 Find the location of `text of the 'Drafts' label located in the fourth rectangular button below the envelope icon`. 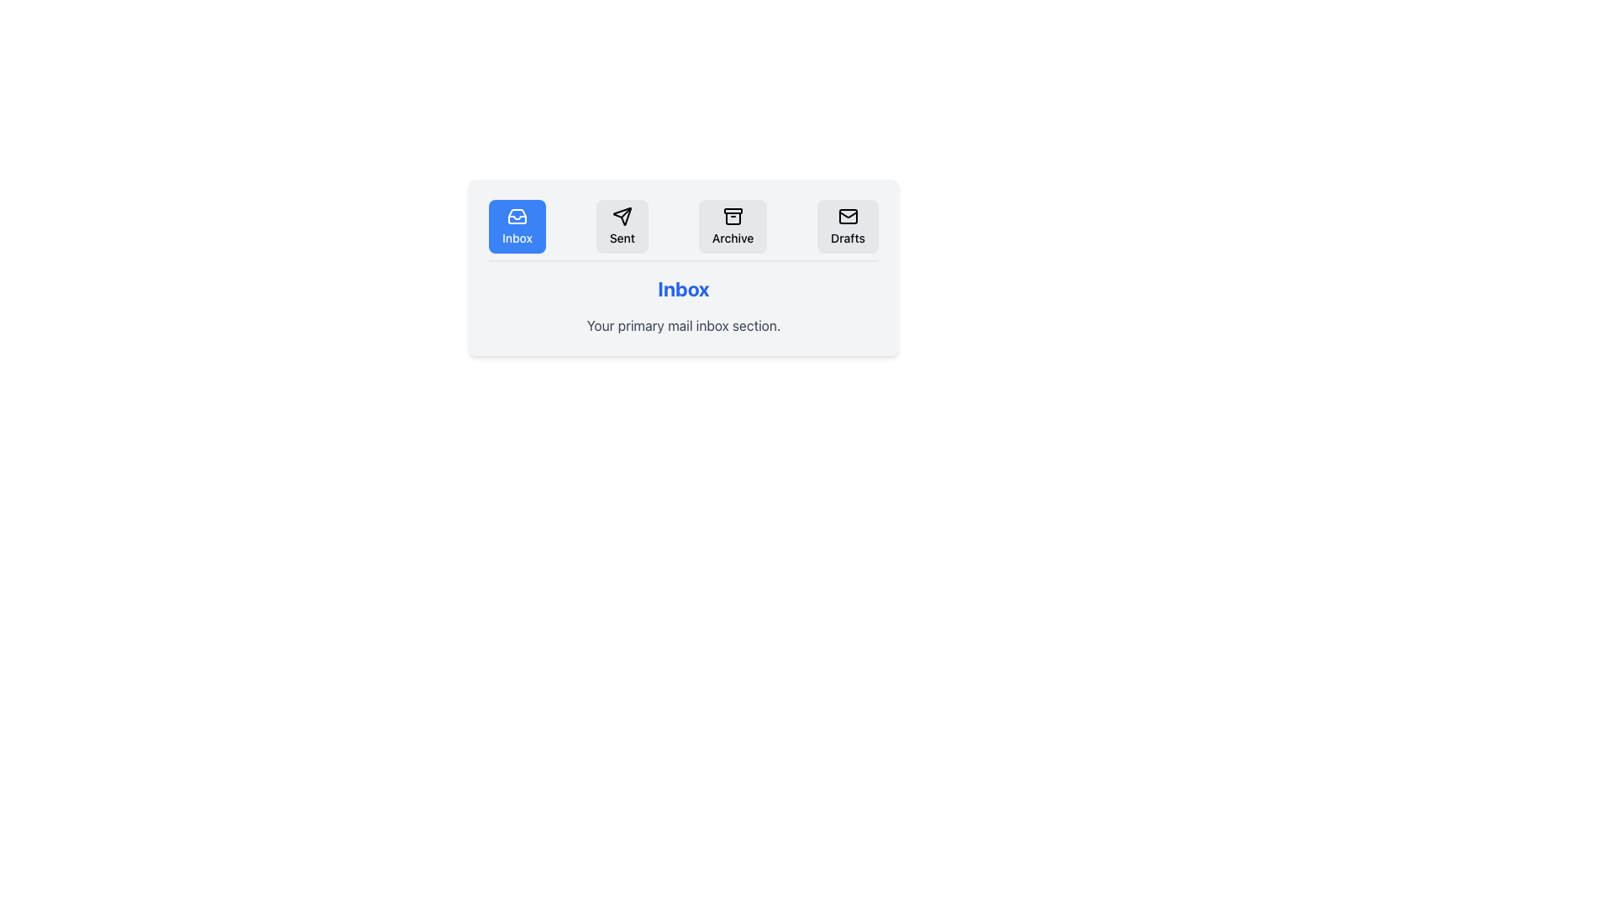

text of the 'Drafts' label located in the fourth rectangular button below the envelope icon is located at coordinates (848, 239).